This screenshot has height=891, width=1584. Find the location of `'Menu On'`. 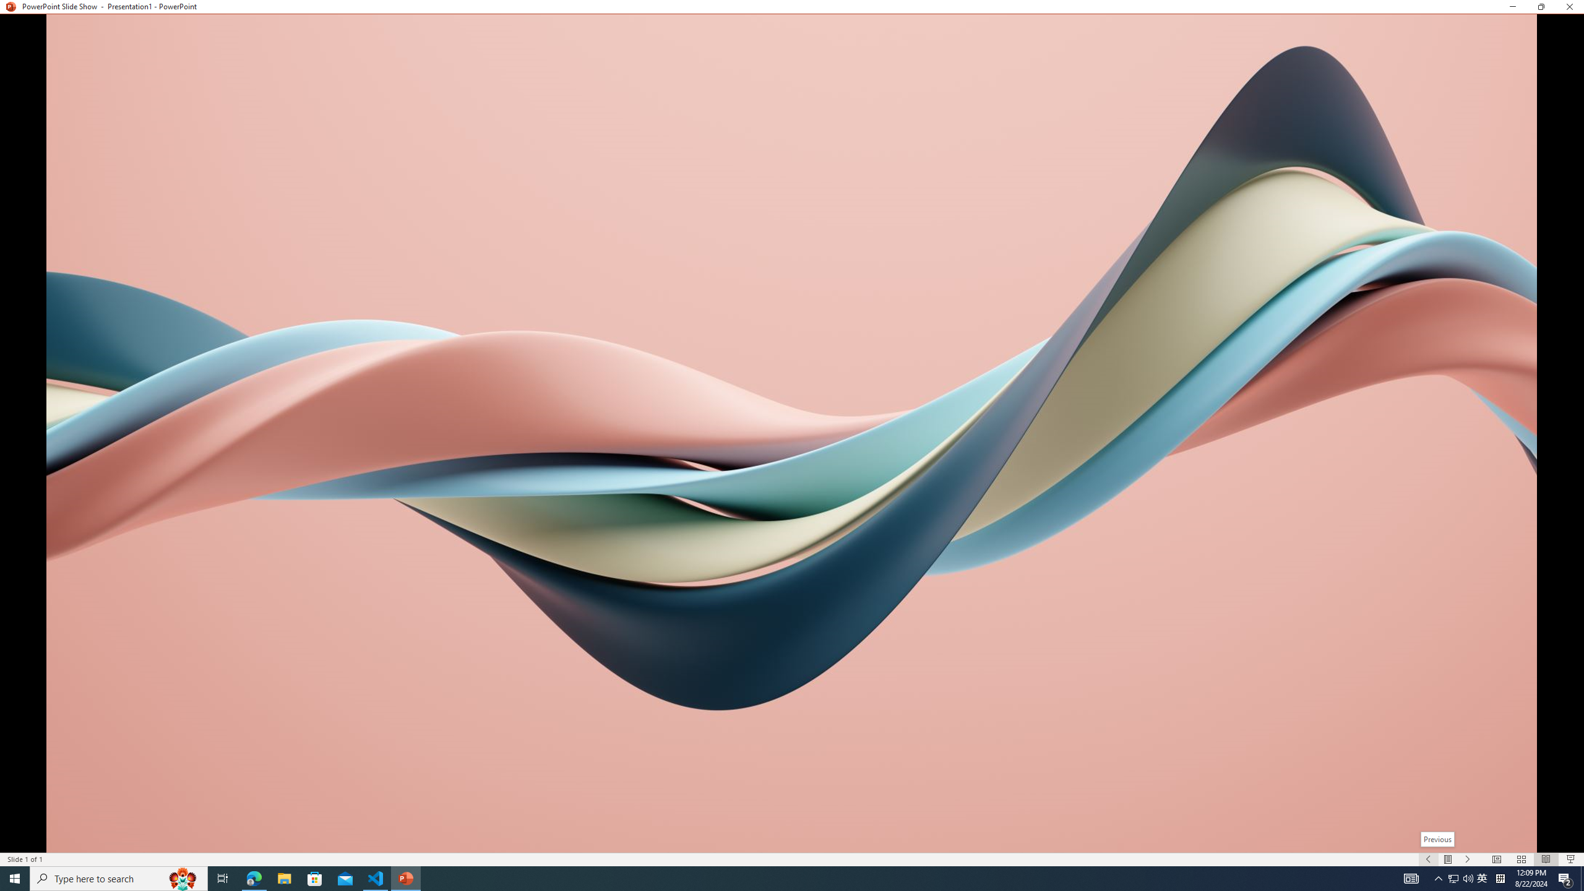

'Menu On' is located at coordinates (1448, 859).